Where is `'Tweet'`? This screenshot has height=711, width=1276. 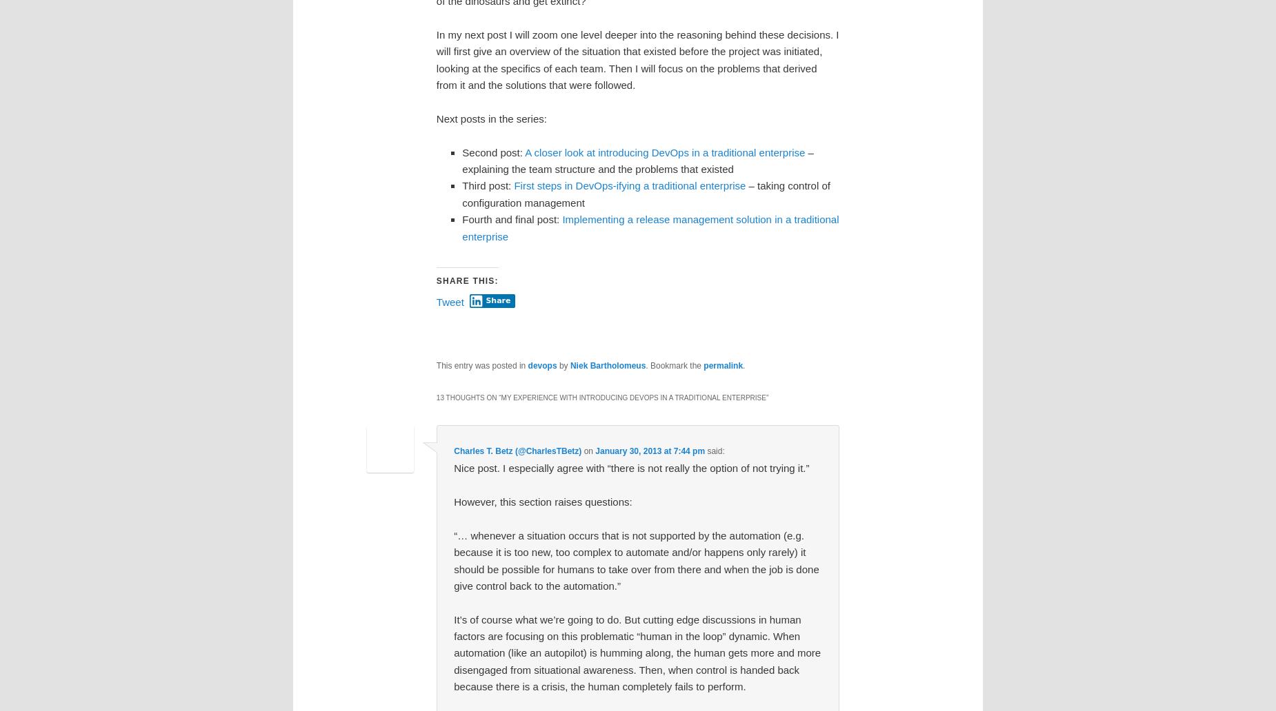
'Tweet' is located at coordinates (435, 301).